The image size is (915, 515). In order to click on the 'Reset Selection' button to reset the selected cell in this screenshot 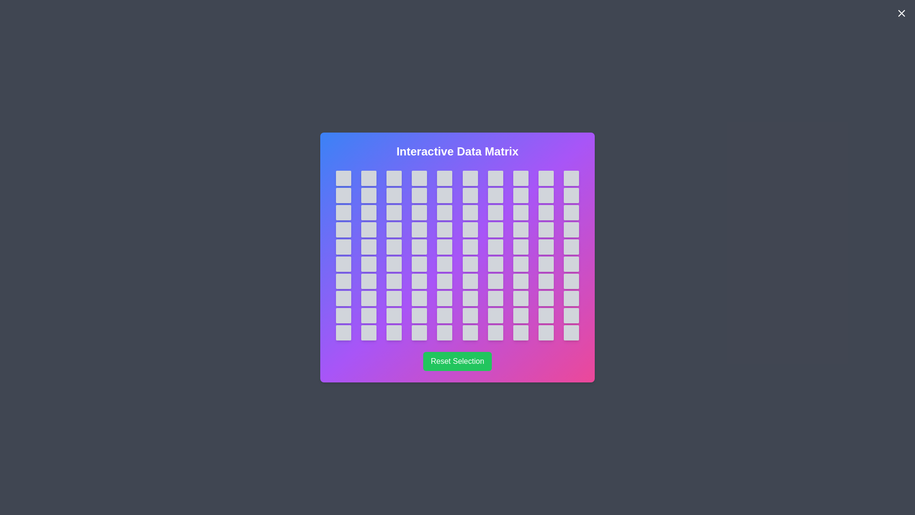, I will do `click(457, 361)`.